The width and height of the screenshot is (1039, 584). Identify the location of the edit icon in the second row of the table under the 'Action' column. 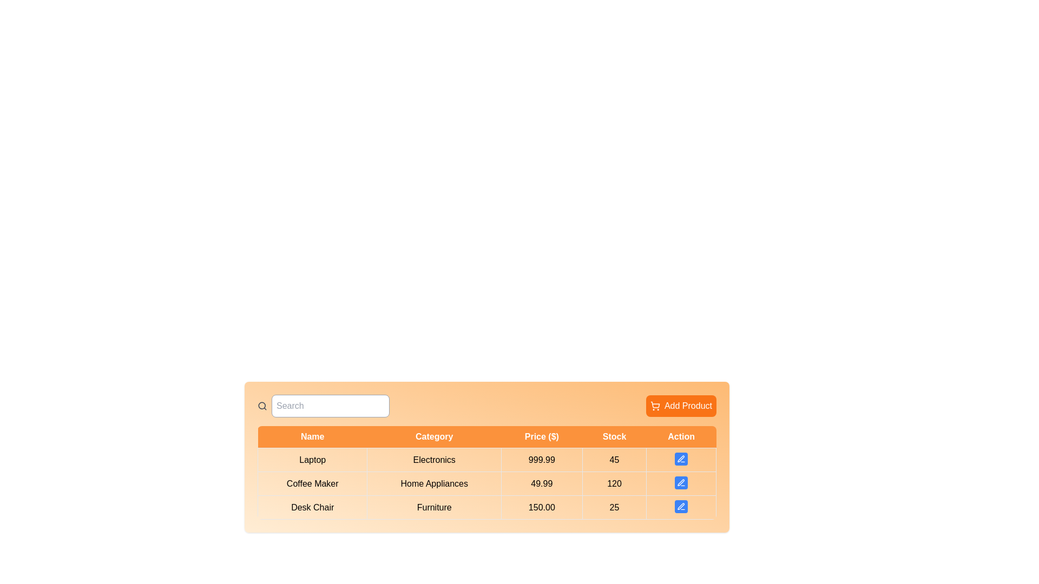
(680, 482).